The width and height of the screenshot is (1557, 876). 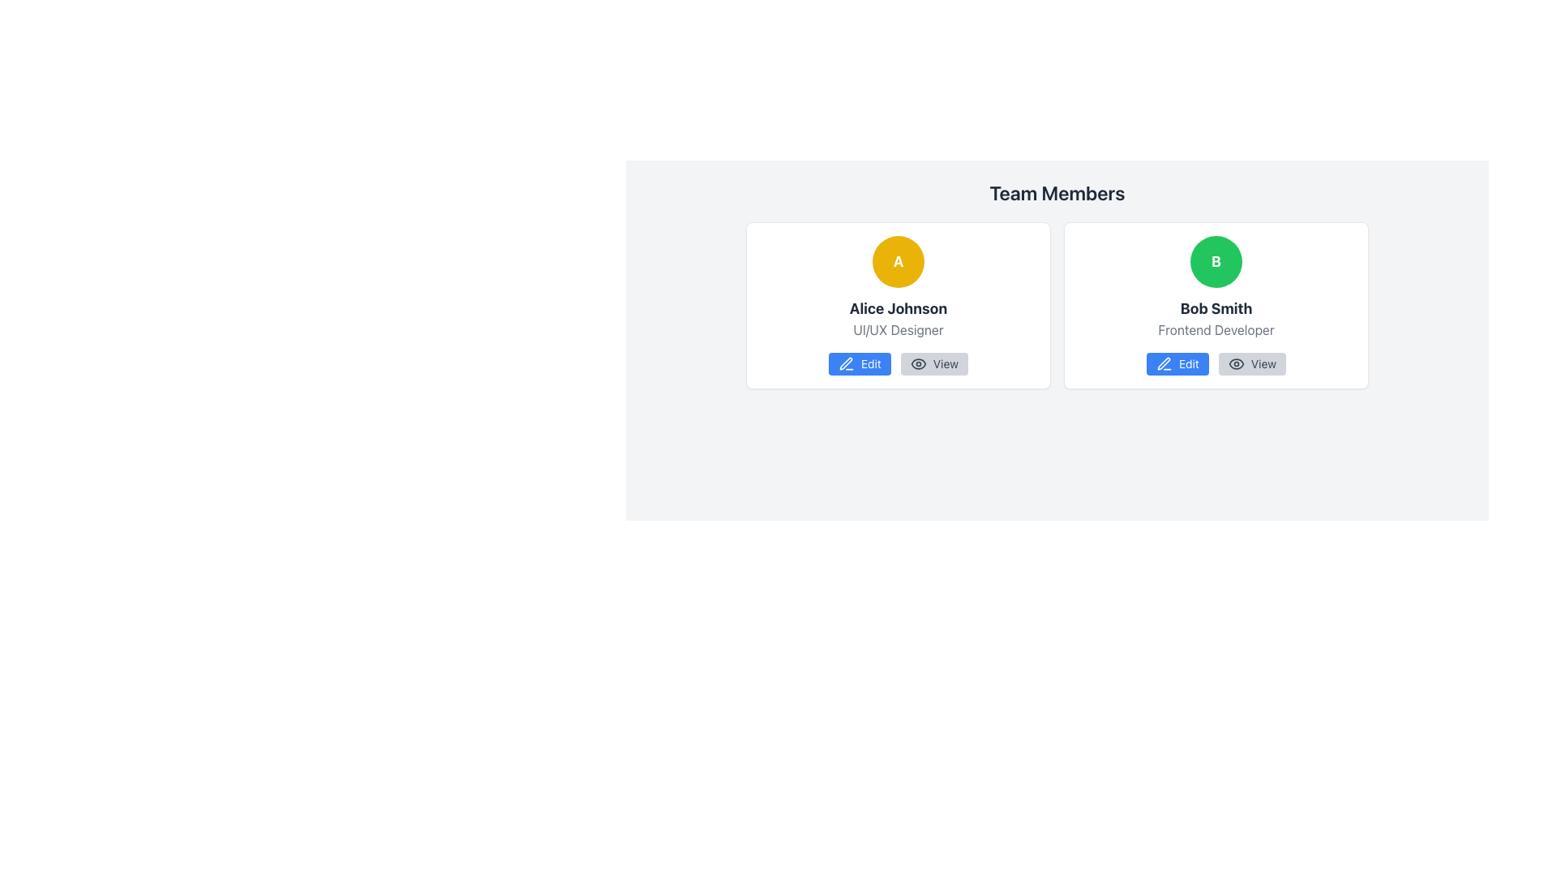 What do you see at coordinates (1163, 363) in the screenshot?
I see `the pen-shaped blue icon located to the left of the 'Edit' button for 'Bob Smith'` at bounding box center [1163, 363].